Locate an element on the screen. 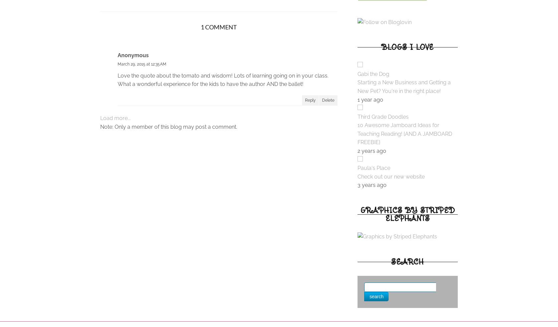 This screenshot has height=327, width=558. '2 years ago' is located at coordinates (372, 150).